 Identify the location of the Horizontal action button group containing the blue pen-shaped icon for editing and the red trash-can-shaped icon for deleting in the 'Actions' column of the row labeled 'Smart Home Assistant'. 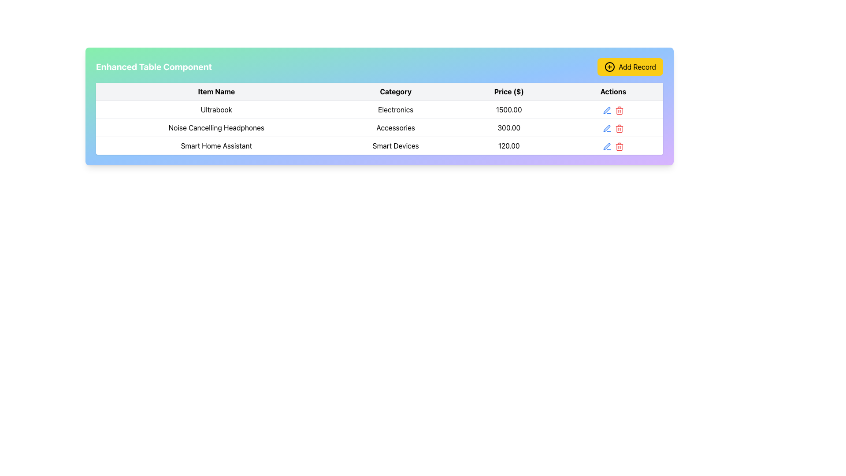
(613, 145).